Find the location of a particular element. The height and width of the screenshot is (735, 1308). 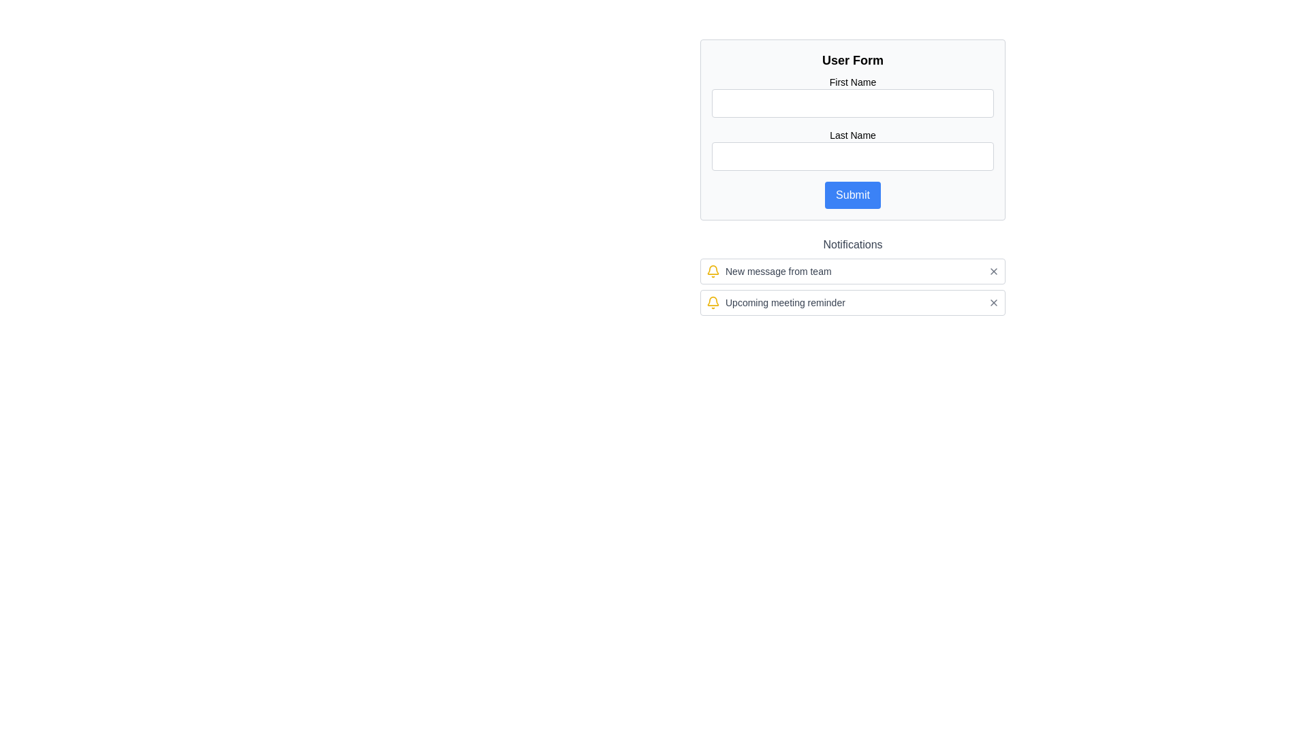

the dismiss button located on the far right side of the 'New message from team' notification box is located at coordinates (994, 271).